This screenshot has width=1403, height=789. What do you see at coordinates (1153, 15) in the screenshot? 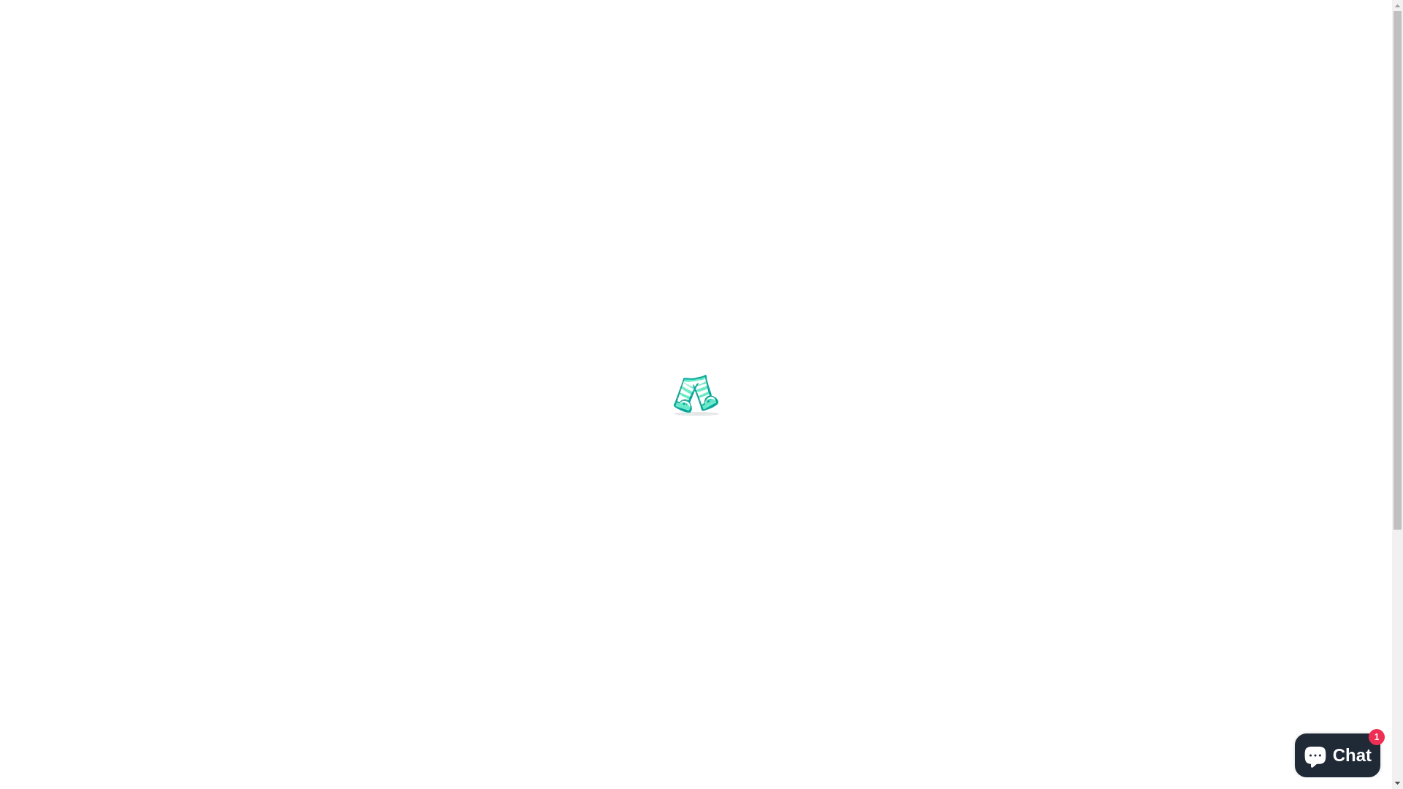
I see `'CREATE AN ACCOUNT'` at bounding box center [1153, 15].